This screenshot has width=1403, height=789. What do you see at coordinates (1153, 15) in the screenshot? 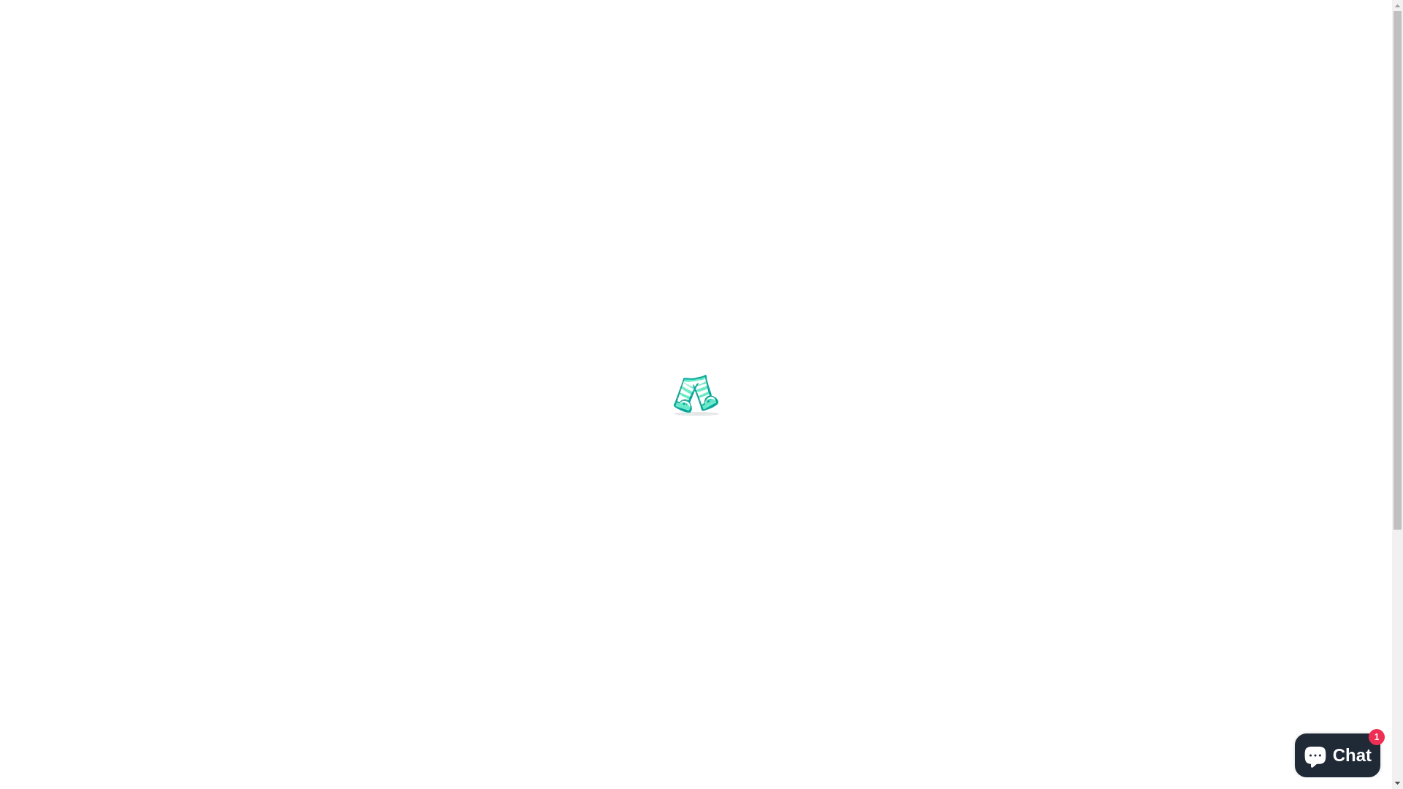
I see `'CREATE AN ACCOUNT'` at bounding box center [1153, 15].